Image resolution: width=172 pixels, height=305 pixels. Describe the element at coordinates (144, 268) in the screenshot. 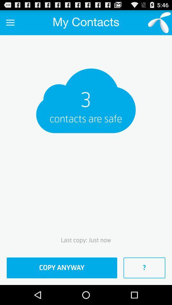

I see `?  at the bottom right corner` at that location.